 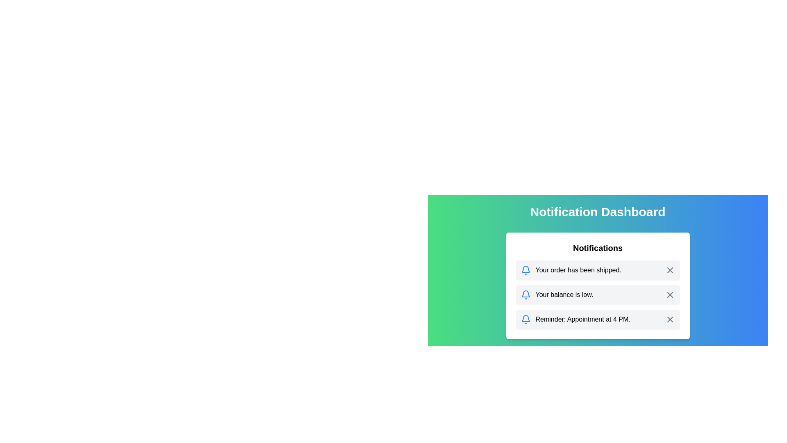 I want to click on notification text of the first notification item under the 'Notifications' section, which displays the order shipping message, so click(x=598, y=272).